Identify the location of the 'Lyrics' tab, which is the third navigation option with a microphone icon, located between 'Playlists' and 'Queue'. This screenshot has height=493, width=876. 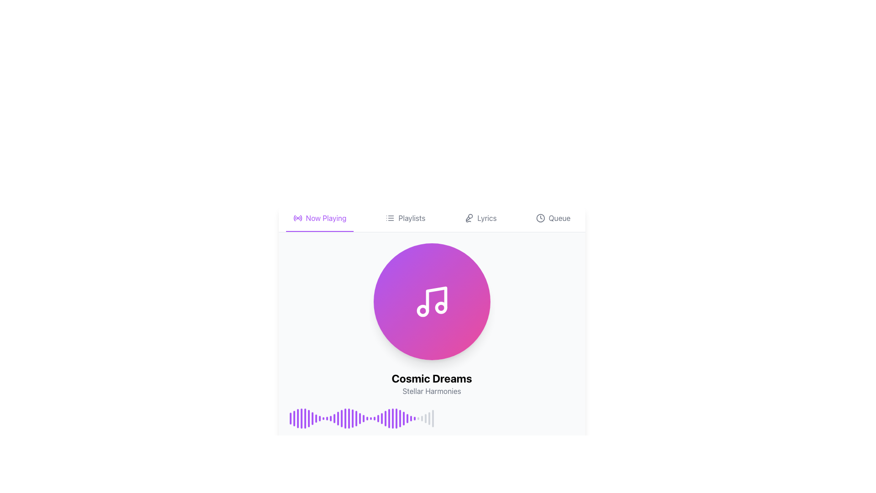
(480, 218).